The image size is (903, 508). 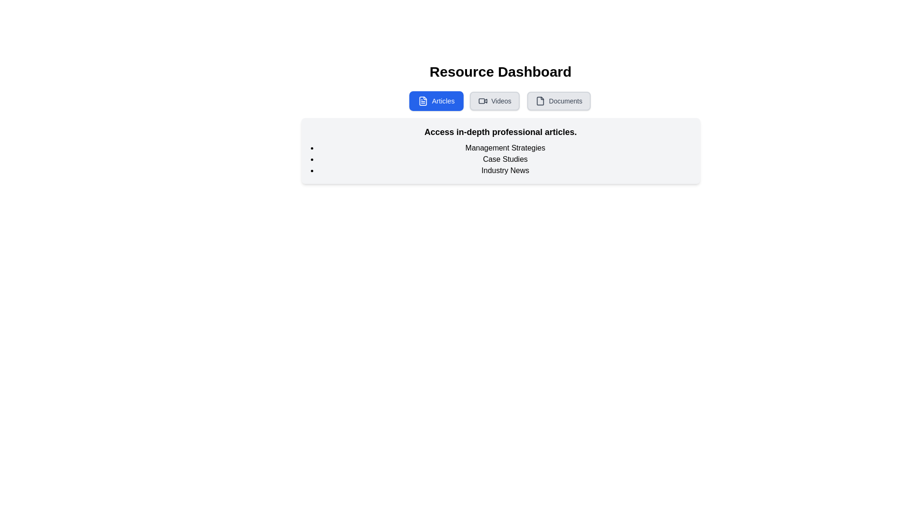 I want to click on the second list item representing a category for professional articles or resources related to case studies, located between 'Management Strategies' and 'Industry News', so click(x=505, y=159).